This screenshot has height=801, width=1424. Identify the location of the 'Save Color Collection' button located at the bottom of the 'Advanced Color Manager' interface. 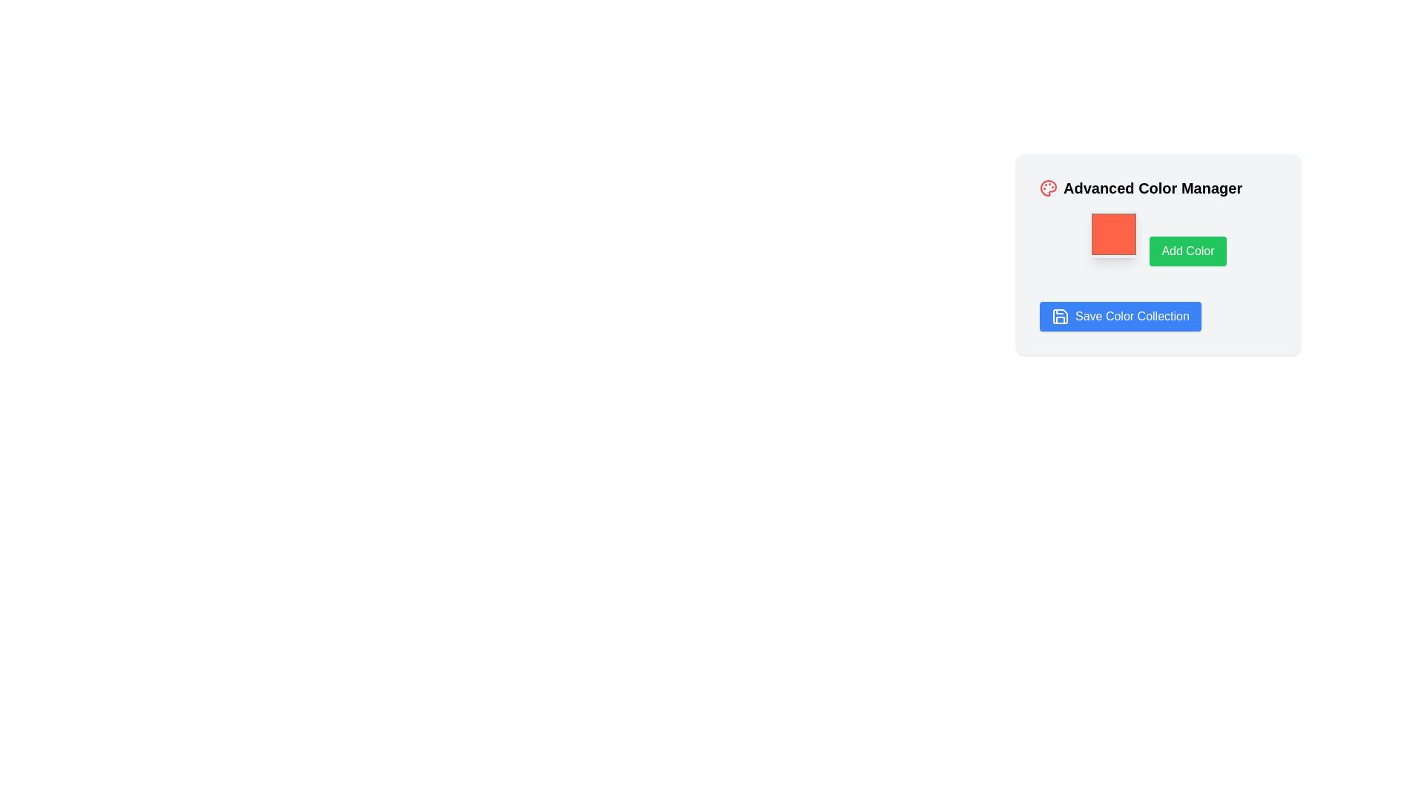
(1120, 316).